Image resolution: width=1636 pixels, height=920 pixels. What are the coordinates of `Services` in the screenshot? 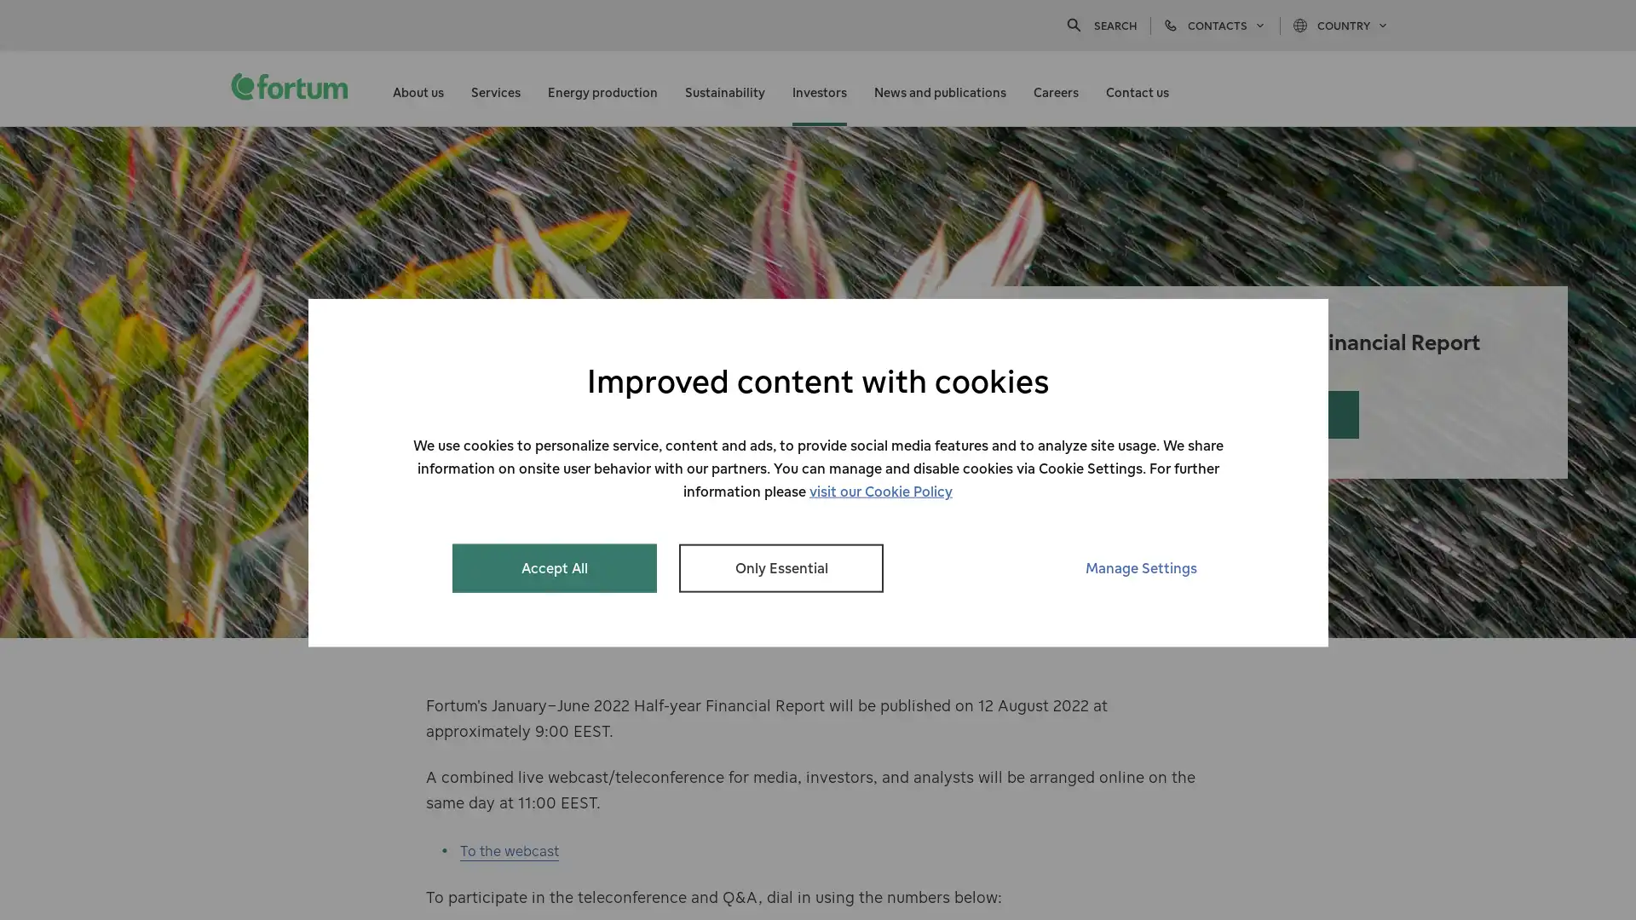 It's located at (494, 89).